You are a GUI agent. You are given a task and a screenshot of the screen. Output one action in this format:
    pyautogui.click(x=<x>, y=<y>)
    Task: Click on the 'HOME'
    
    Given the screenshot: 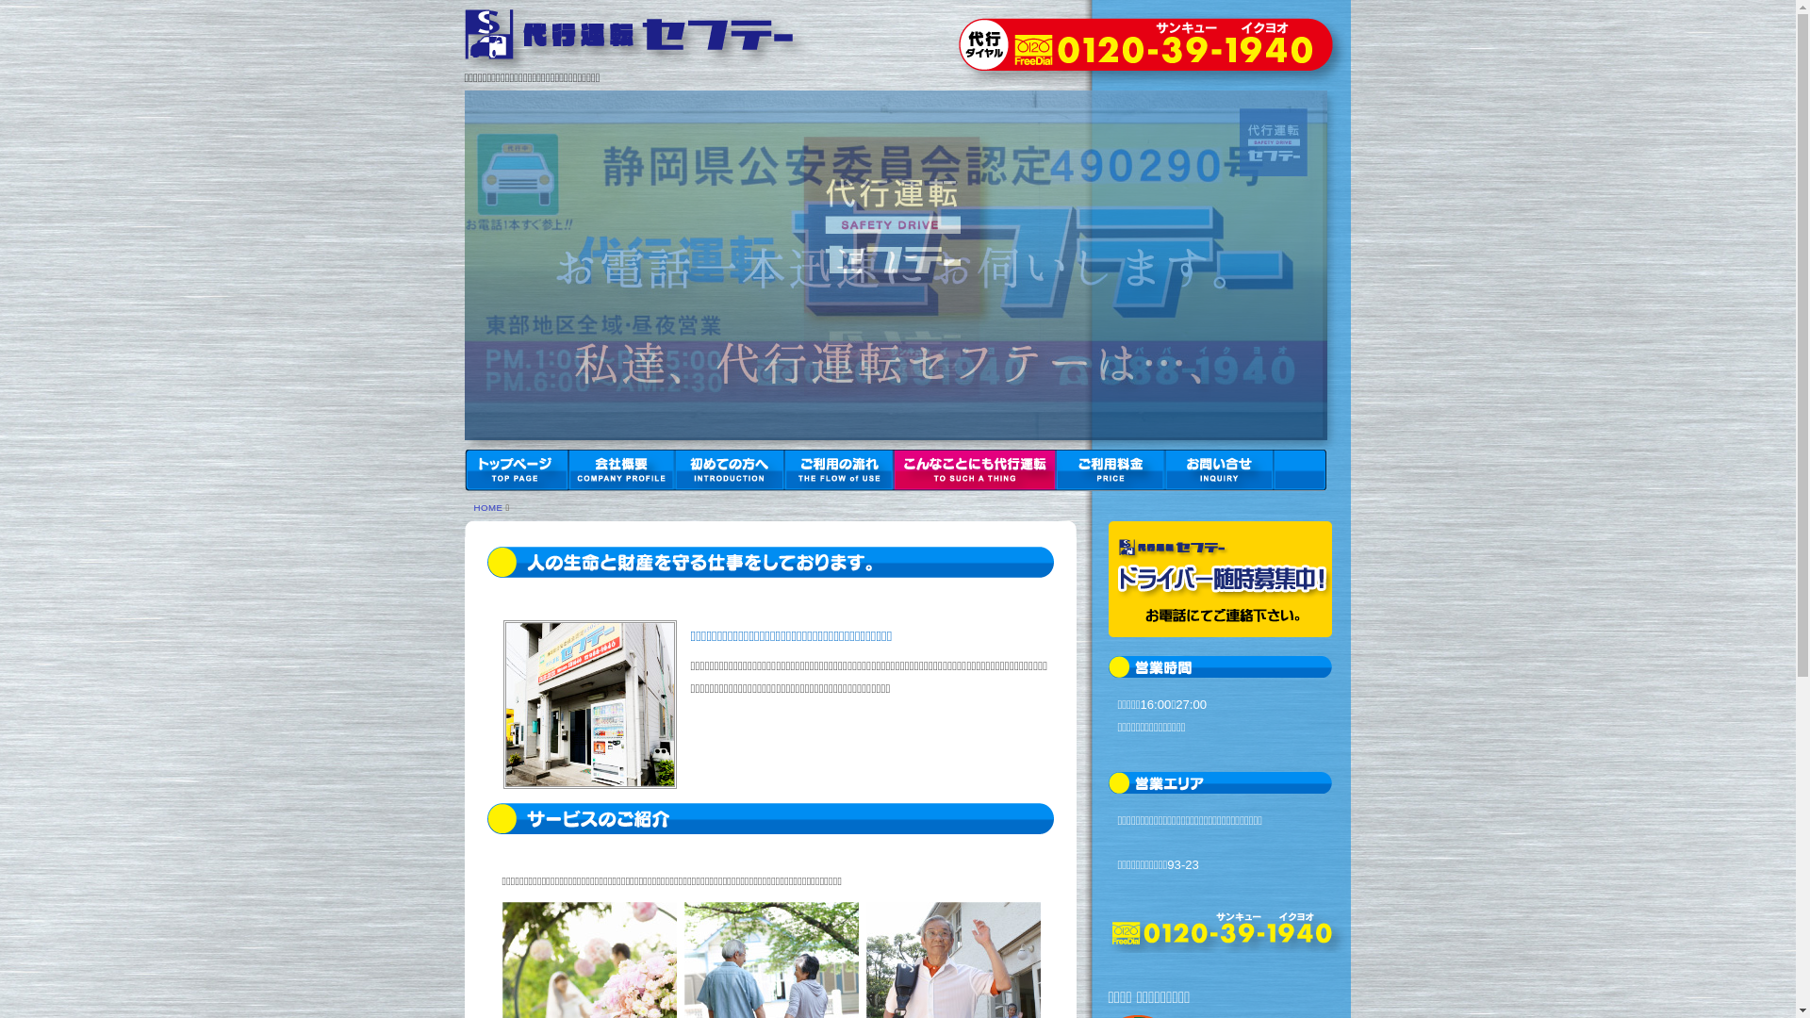 What is the action you would take?
    pyautogui.click(x=473, y=506)
    